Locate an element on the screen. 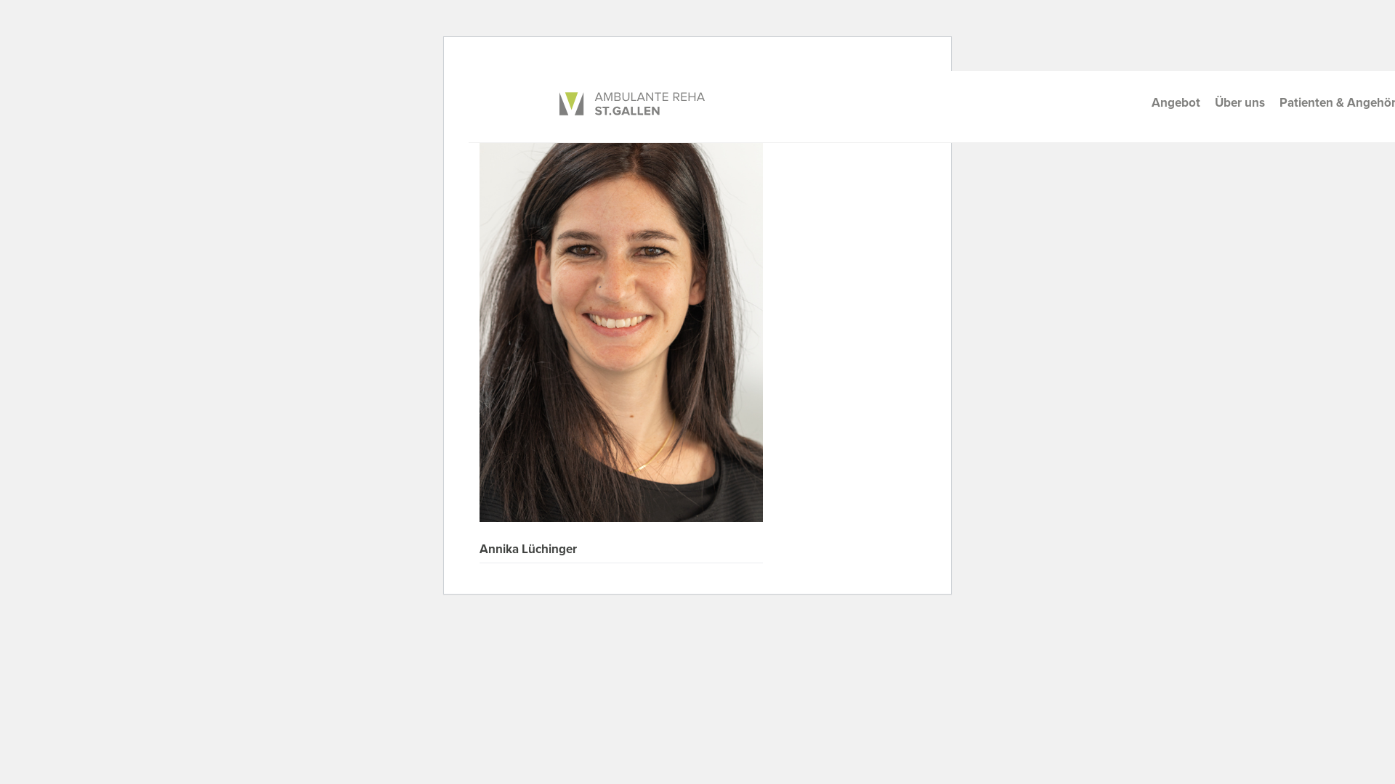  'Angebot' is located at coordinates (1176, 102).